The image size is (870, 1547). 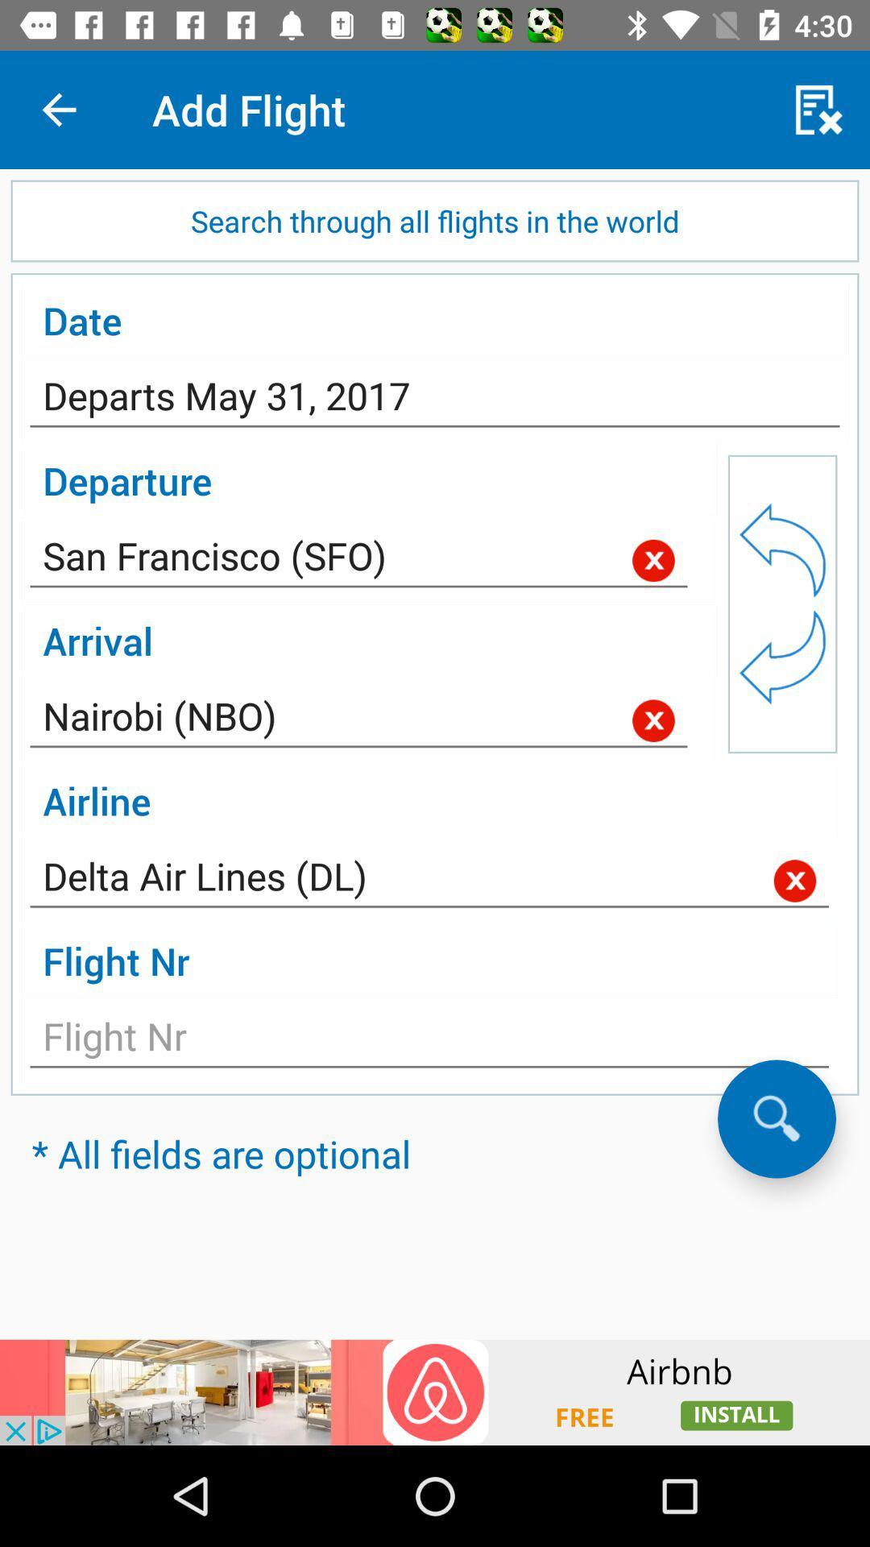 What do you see at coordinates (435, 1391) in the screenshot?
I see `install an app` at bounding box center [435, 1391].